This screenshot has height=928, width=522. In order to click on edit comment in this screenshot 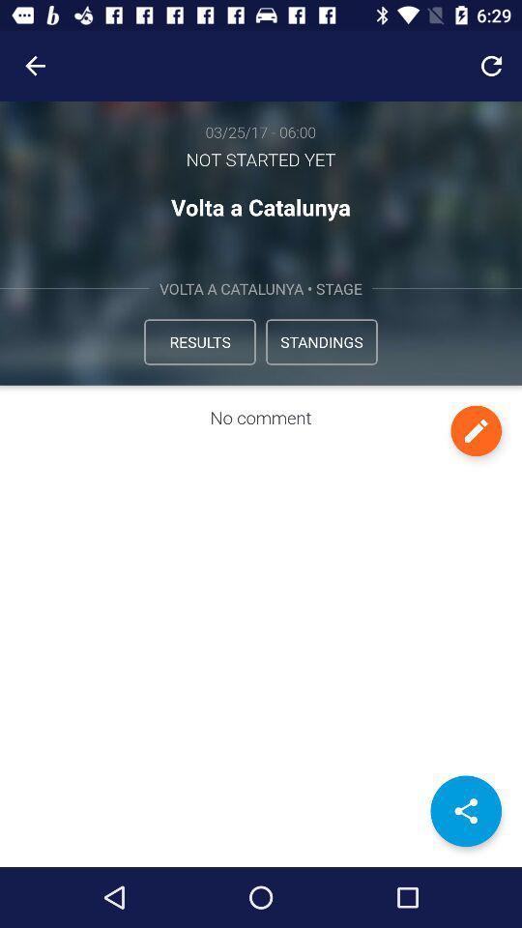, I will do `click(475, 430)`.